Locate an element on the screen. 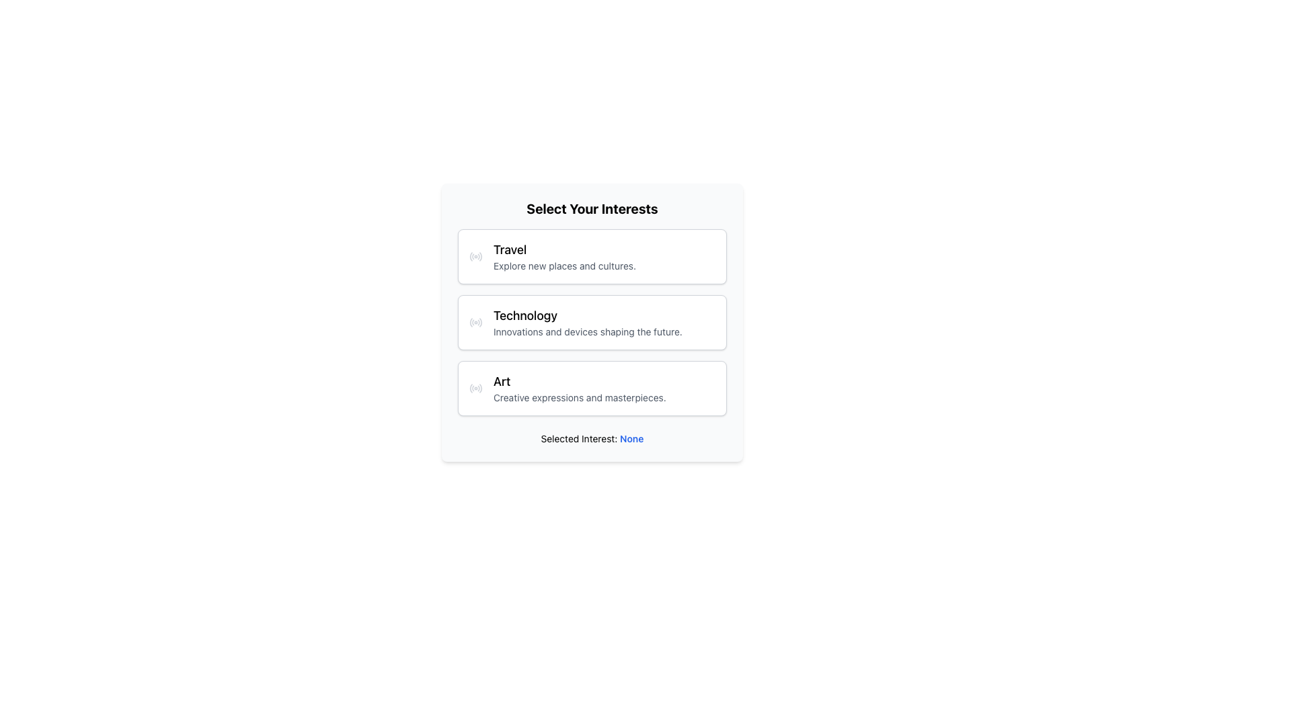 This screenshot has height=726, width=1291. the second item in the 'Select Your Interests' list, which represents the 'Technology' interest selection option is located at coordinates (592, 322).